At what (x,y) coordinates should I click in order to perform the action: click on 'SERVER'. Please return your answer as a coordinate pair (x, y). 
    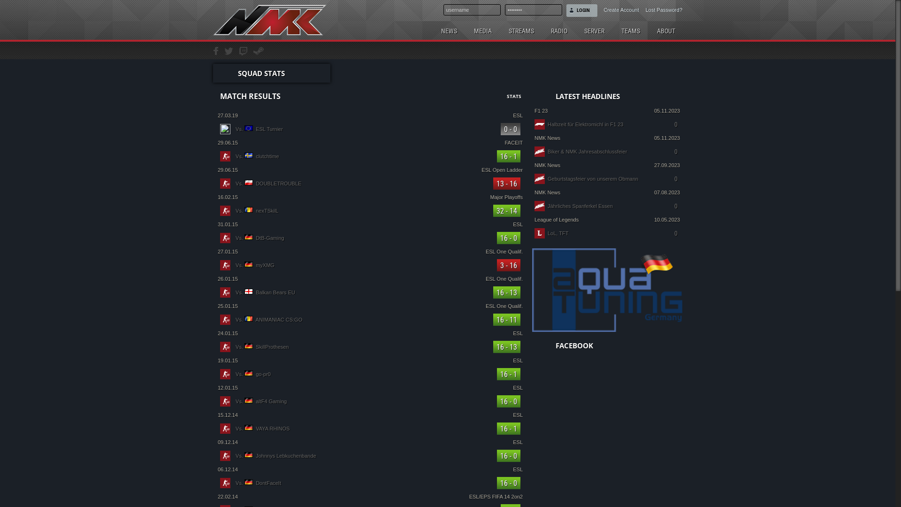
    Looking at the image, I should click on (594, 30).